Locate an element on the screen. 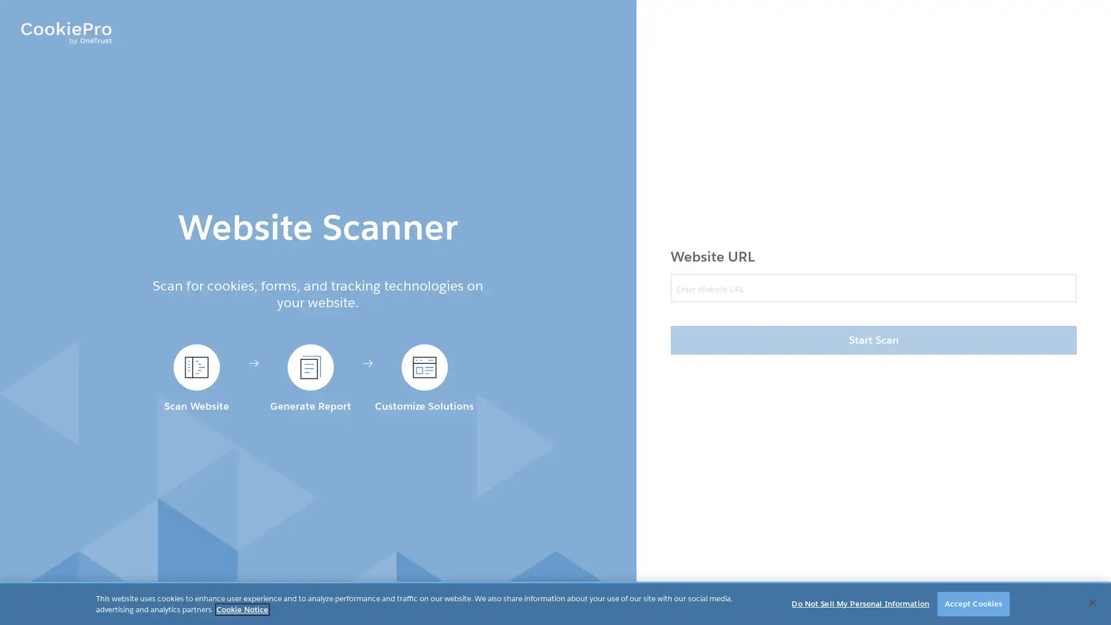 The image size is (1111, 625). Close is located at coordinates (1091, 602).